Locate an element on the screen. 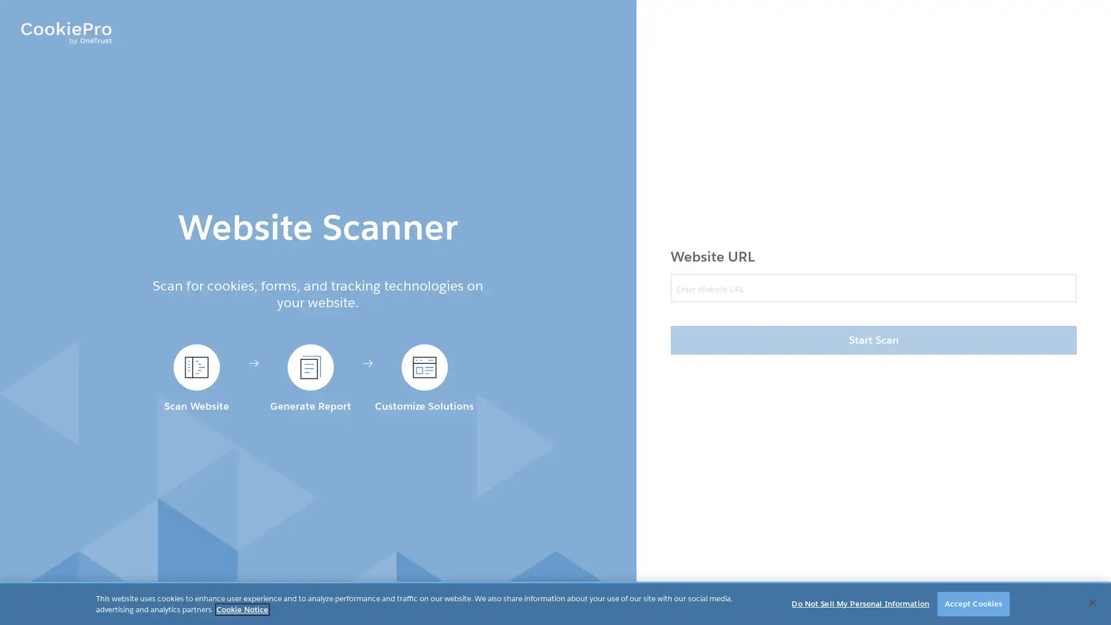 The image size is (1111, 625). Close is located at coordinates (1091, 602).